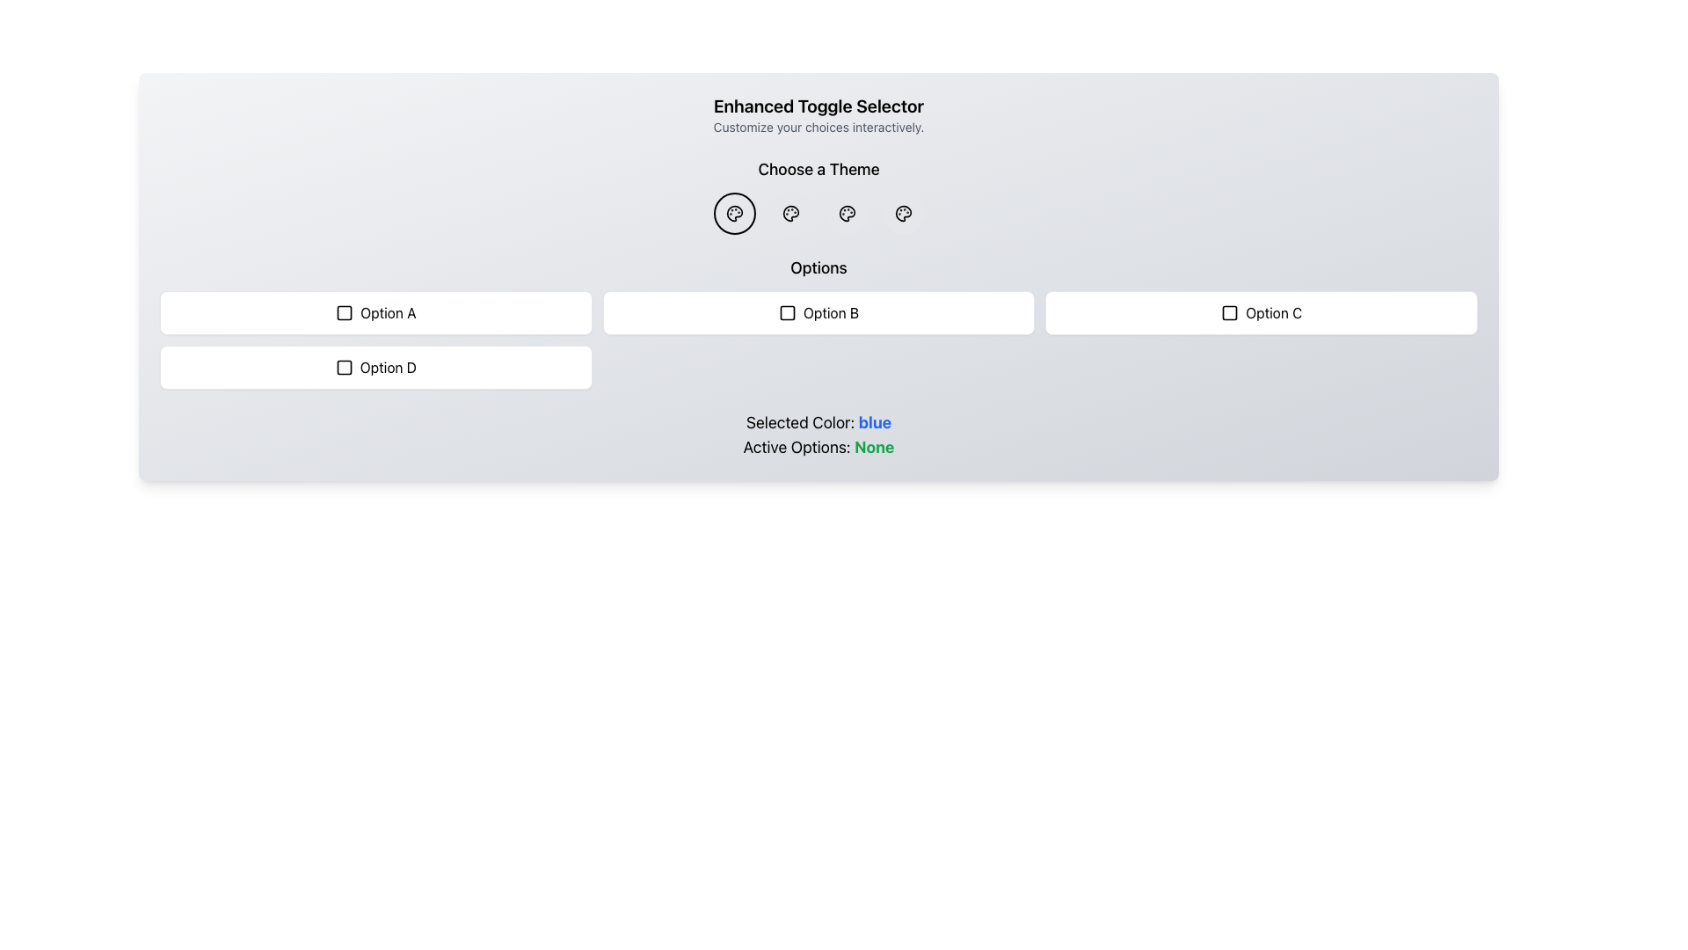  Describe the element at coordinates (344, 366) in the screenshot. I see `the active state of the checkbox labeled 'Option D' to interact via keyboard` at that location.